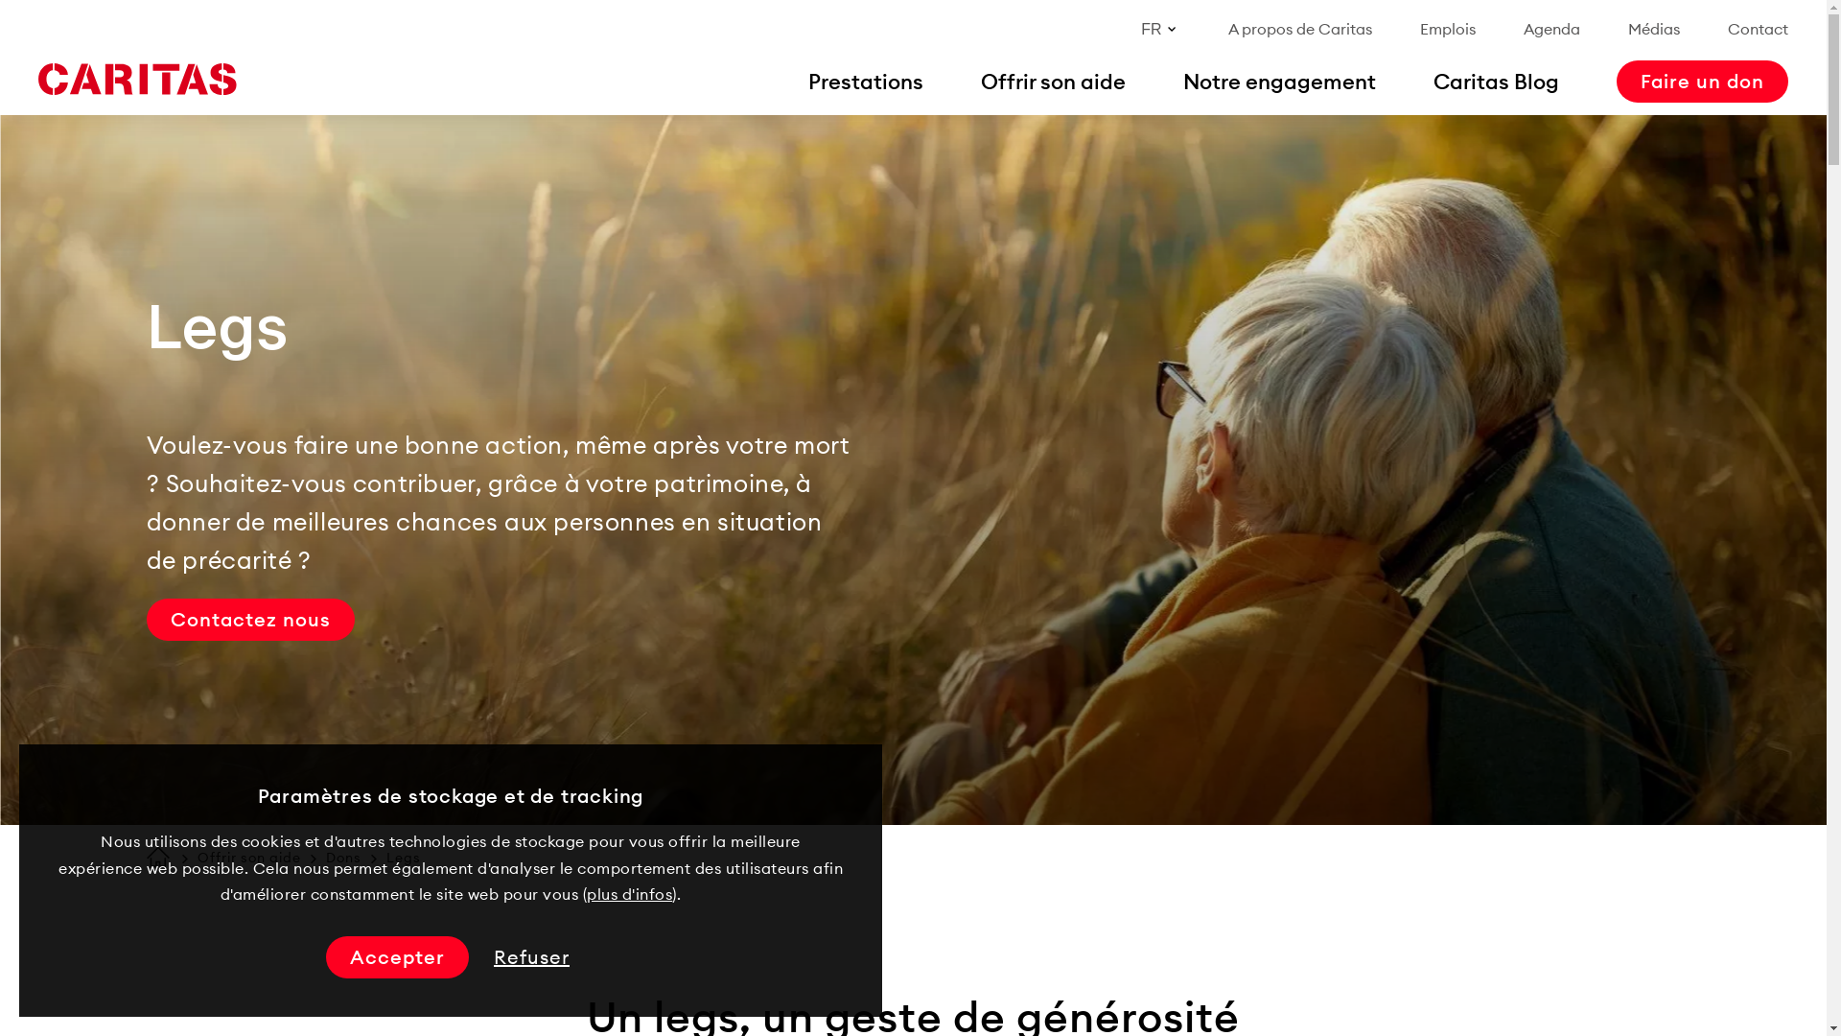 This screenshot has width=1841, height=1036. Describe the element at coordinates (1758, 29) in the screenshot. I see `'Contact'` at that location.